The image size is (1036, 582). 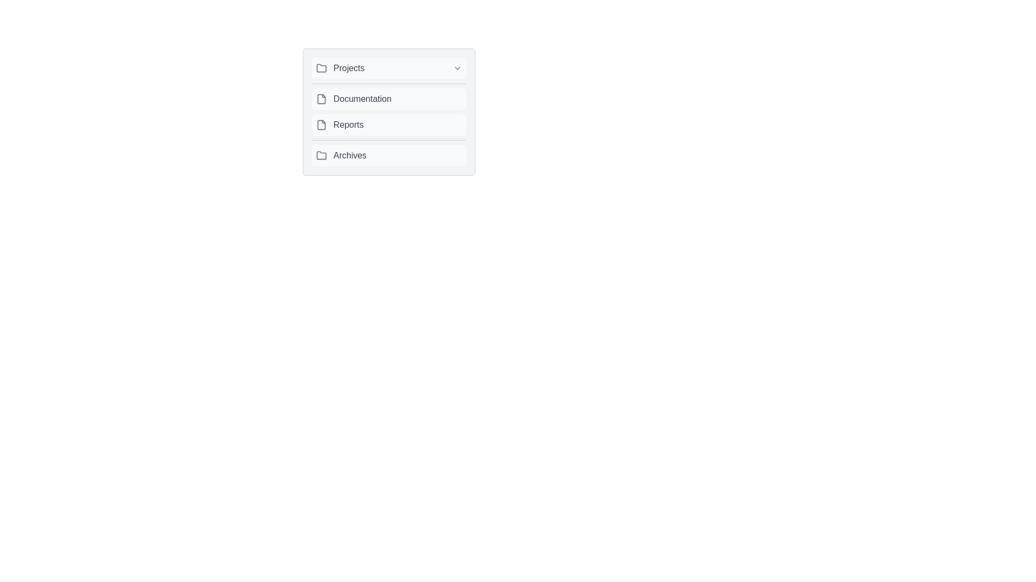 I want to click on the document or file icon located to the left of the 'Reports' text label within the vertical menu layout, which is the third entry from the top, so click(x=321, y=124).